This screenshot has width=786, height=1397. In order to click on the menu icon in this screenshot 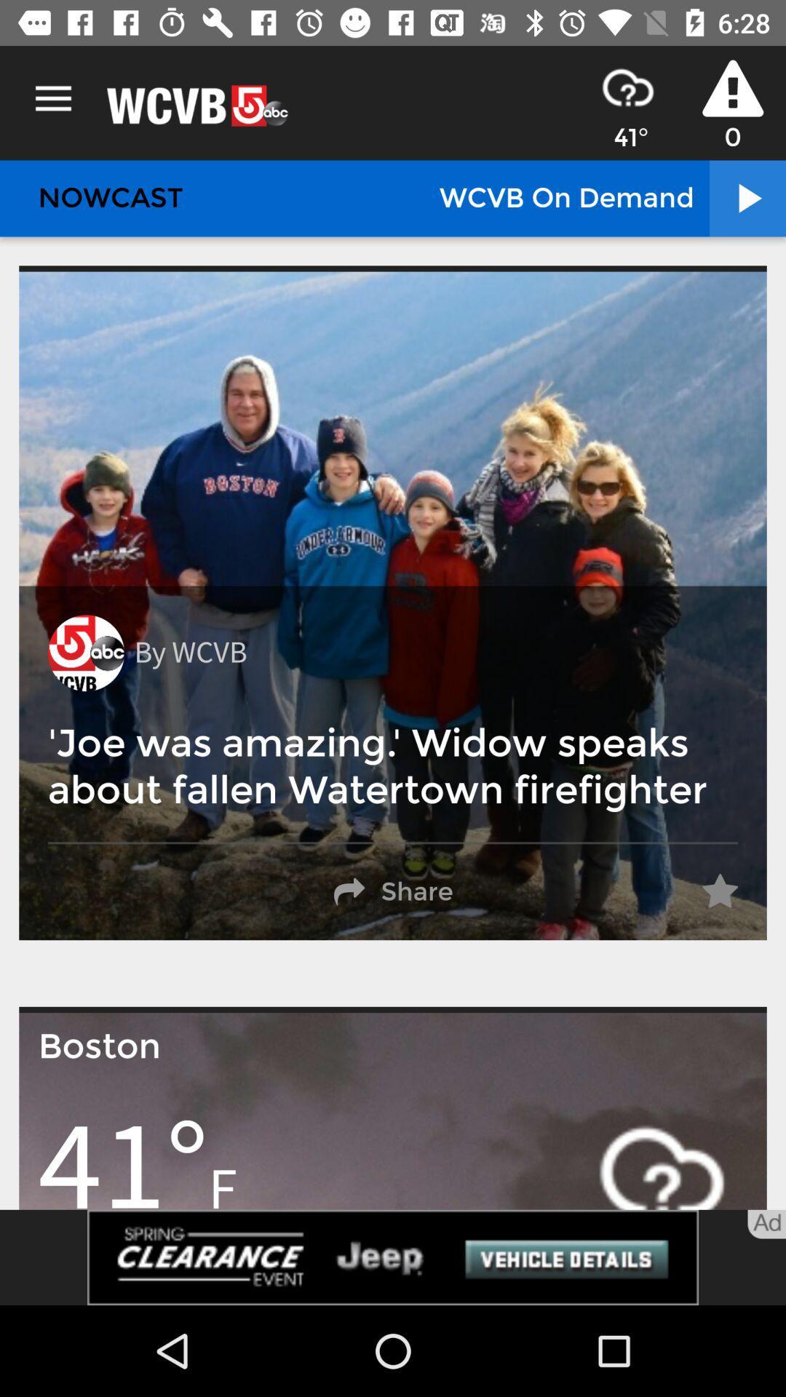, I will do `click(52, 98)`.